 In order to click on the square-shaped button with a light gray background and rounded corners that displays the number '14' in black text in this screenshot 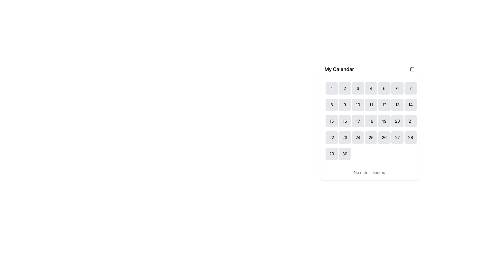, I will do `click(410, 104)`.